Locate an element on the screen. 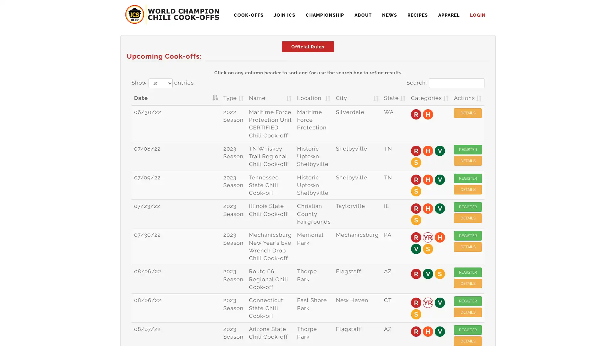 This screenshot has width=616, height=346. DETAILS is located at coordinates (468, 189).